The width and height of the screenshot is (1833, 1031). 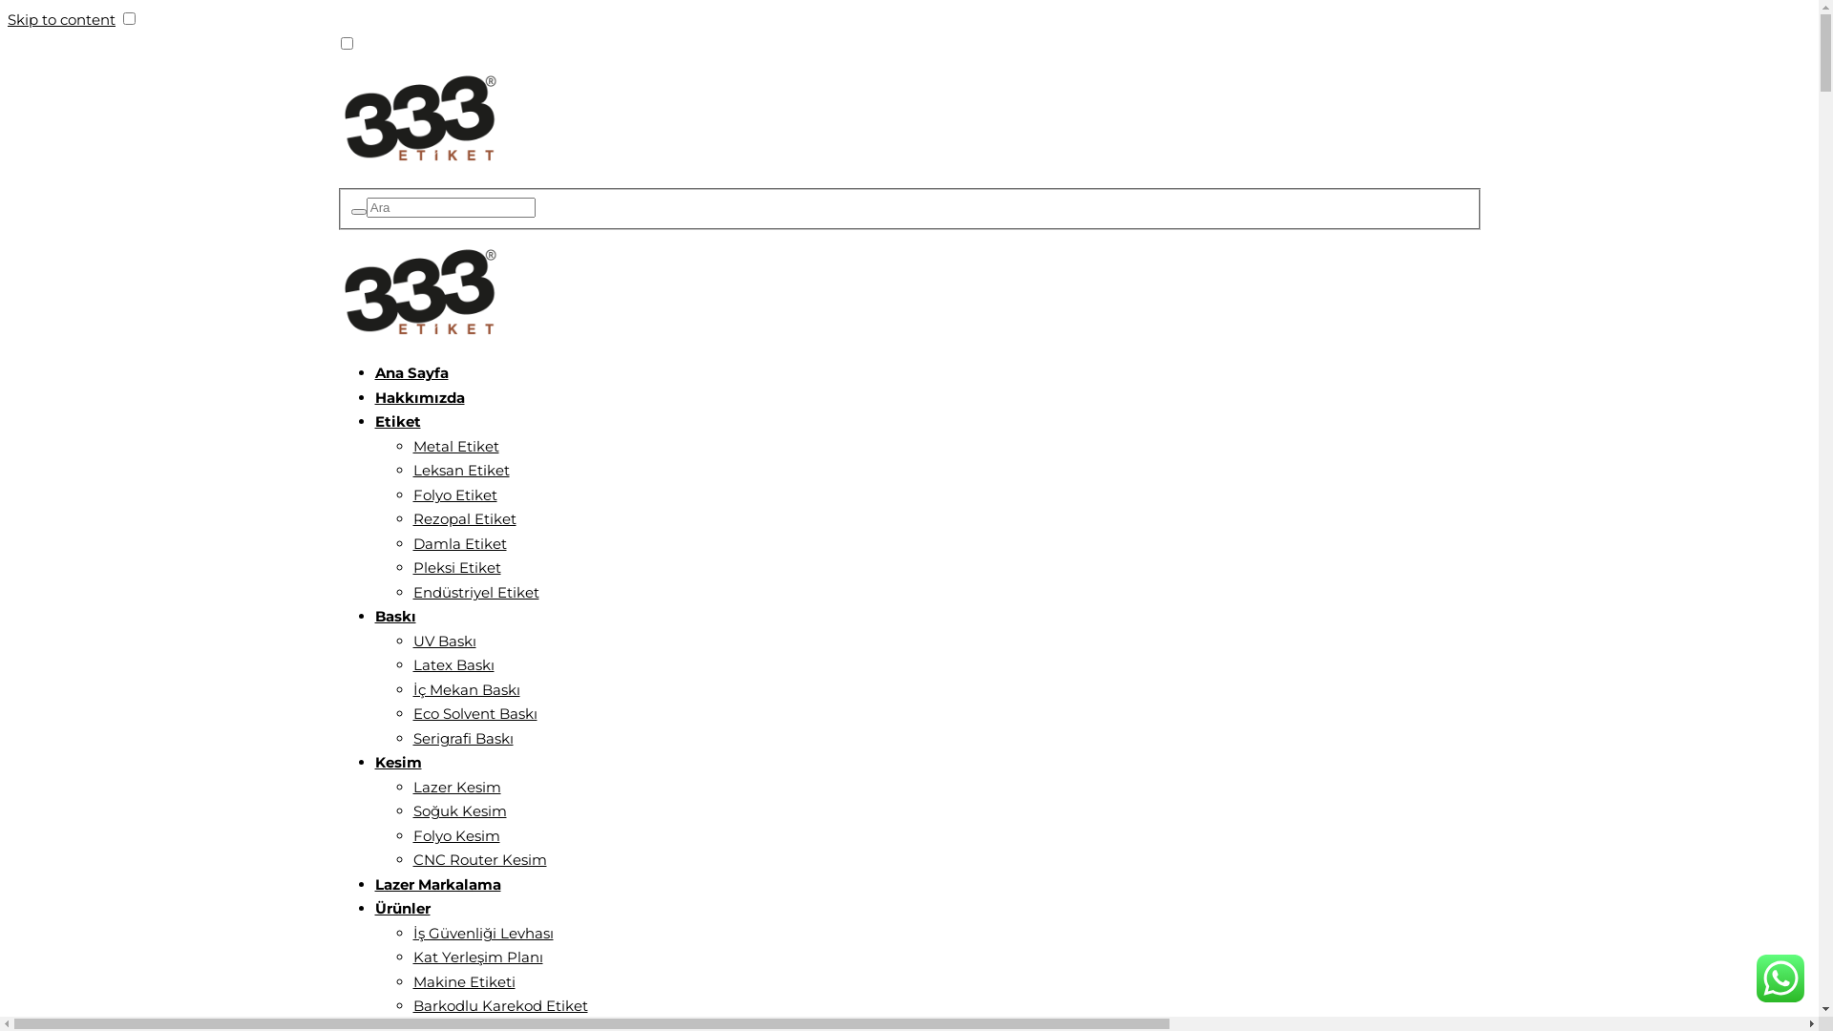 What do you see at coordinates (396, 761) in the screenshot?
I see `'Kesim'` at bounding box center [396, 761].